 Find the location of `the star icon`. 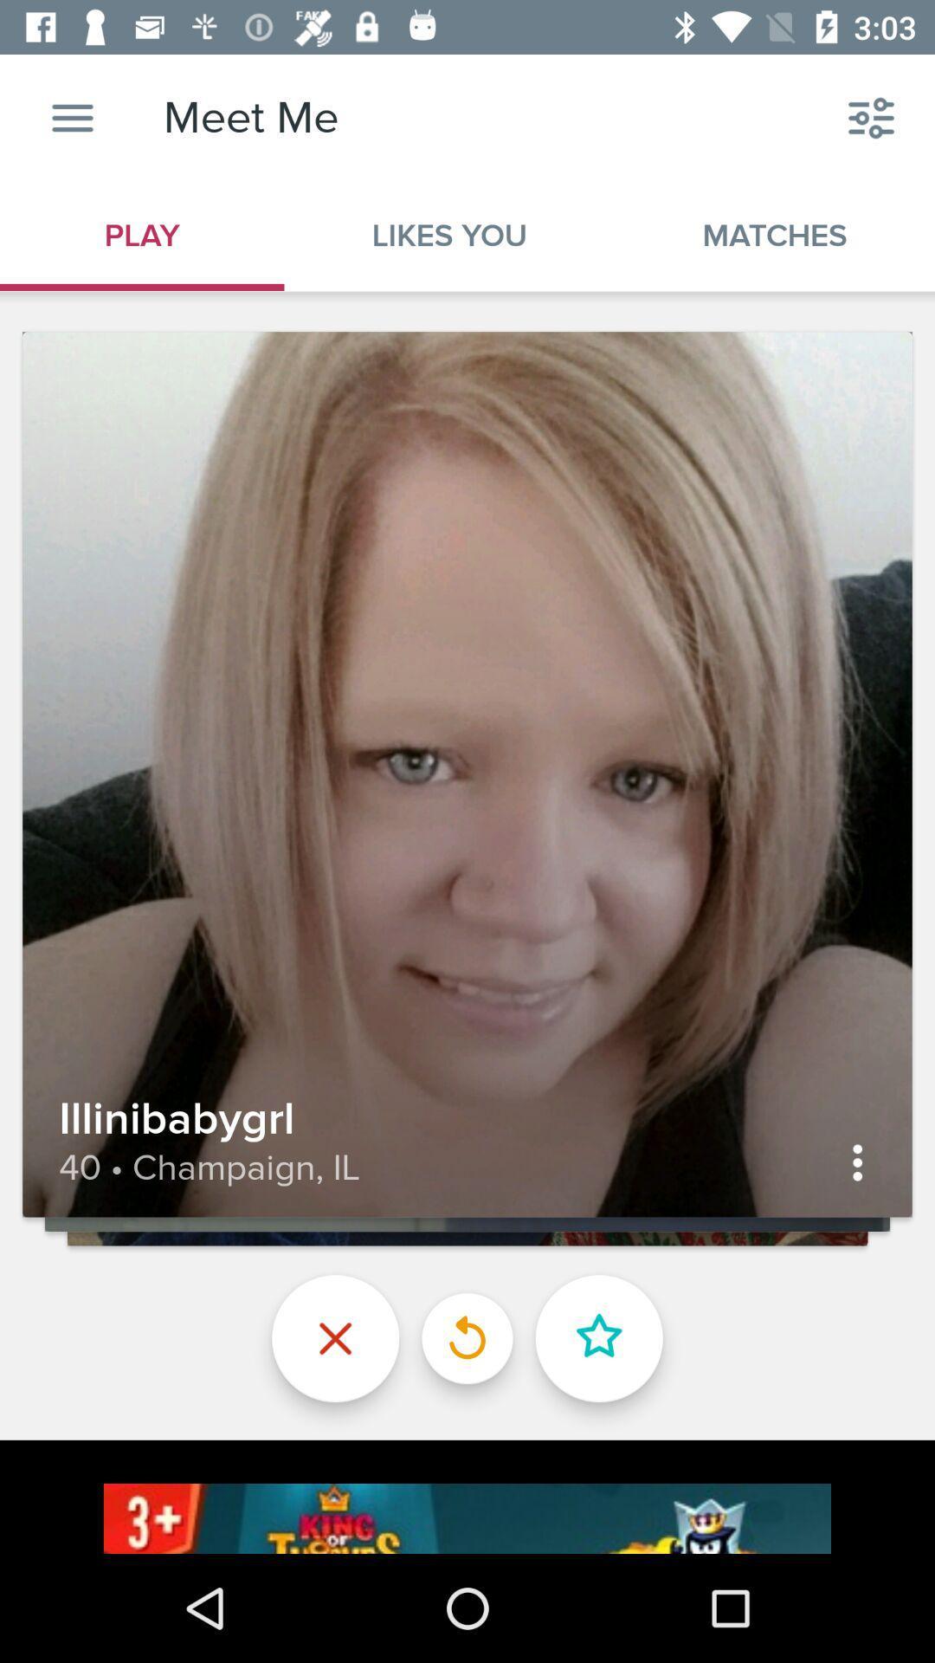

the star icon is located at coordinates (598, 1337).